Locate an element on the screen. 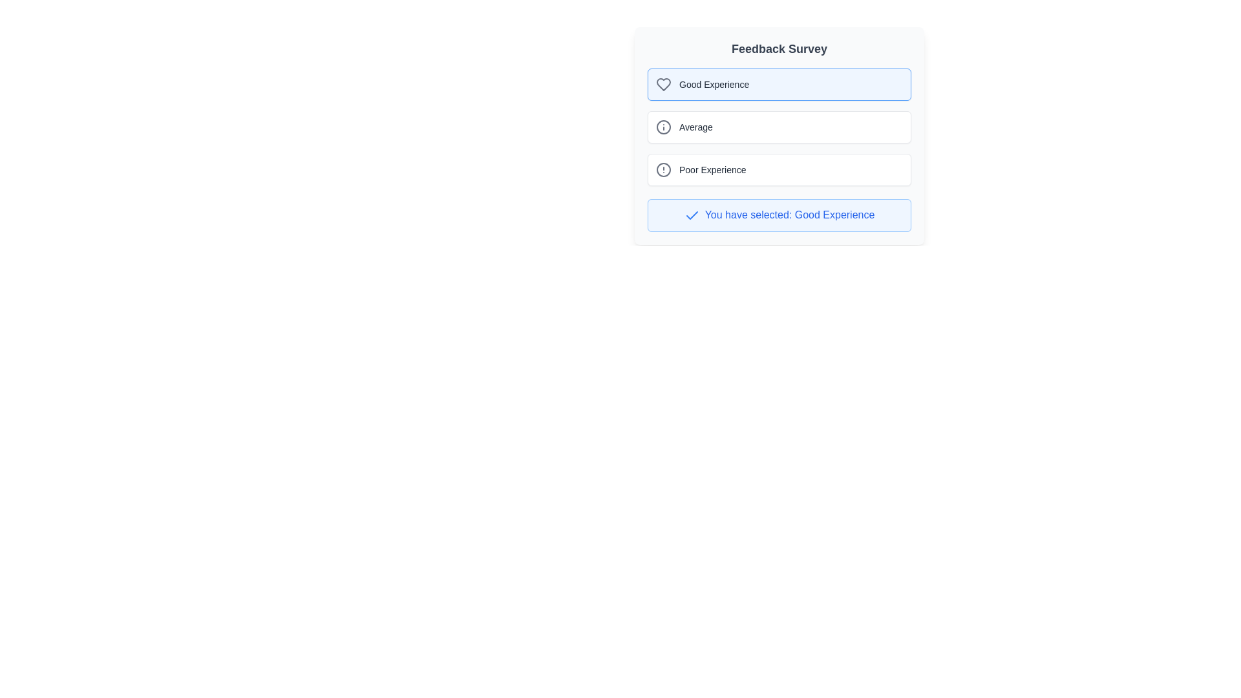  the heart-shaped icon with an outline stroke design located to the left of the 'Good Experience' text is located at coordinates (664, 85).